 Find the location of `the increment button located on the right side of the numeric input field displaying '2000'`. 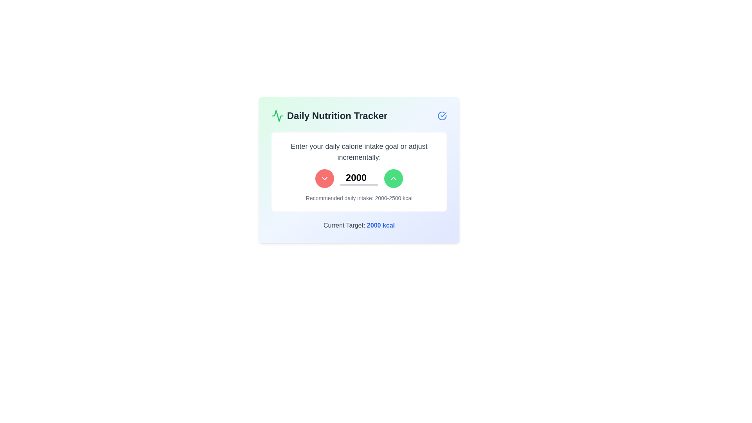

the increment button located on the right side of the numeric input field displaying '2000' is located at coordinates (393, 178).